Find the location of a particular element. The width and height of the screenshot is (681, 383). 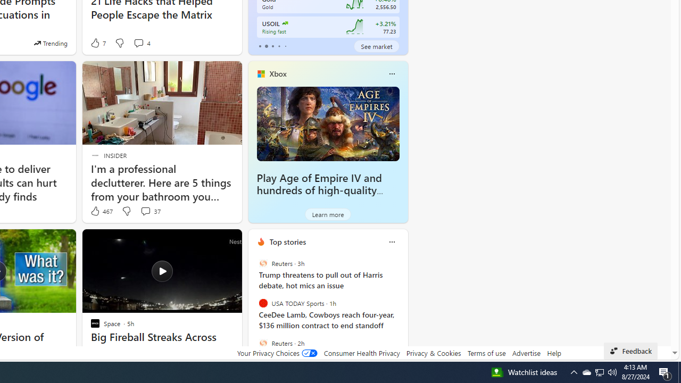

'USA TODAY Sports' is located at coordinates (263, 303).